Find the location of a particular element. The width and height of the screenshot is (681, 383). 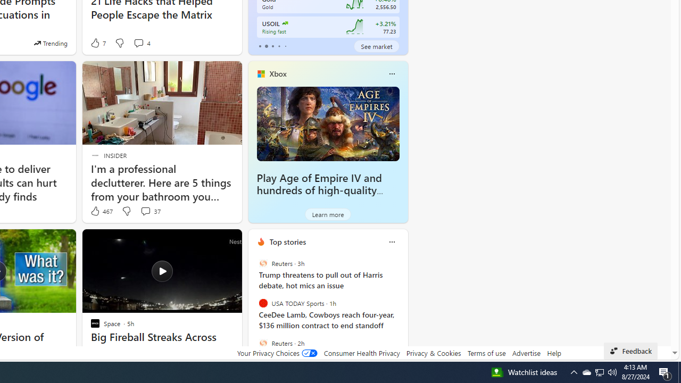

'USA TODAY Sports' is located at coordinates (263, 303).